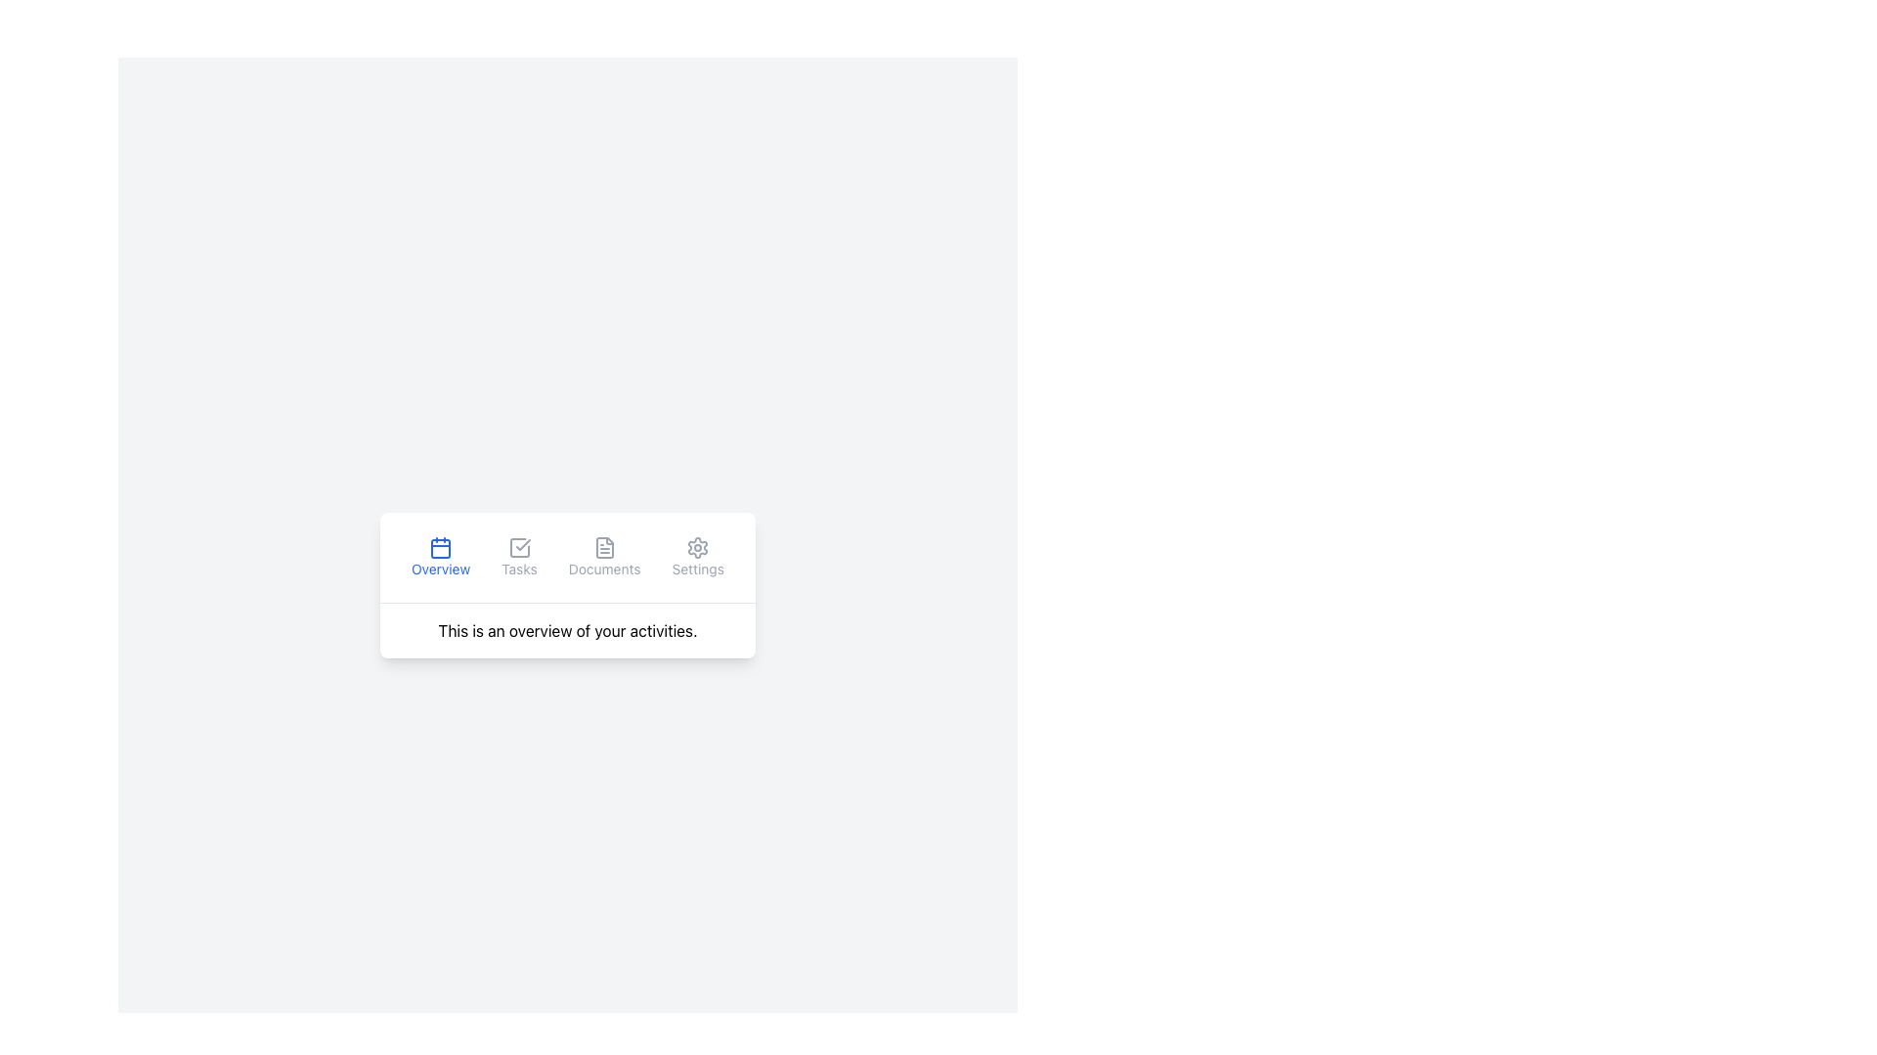  Describe the element at coordinates (519, 557) in the screenshot. I see `the button located in the horizontal navigation bar that navigates to the tasks section of the application` at that location.